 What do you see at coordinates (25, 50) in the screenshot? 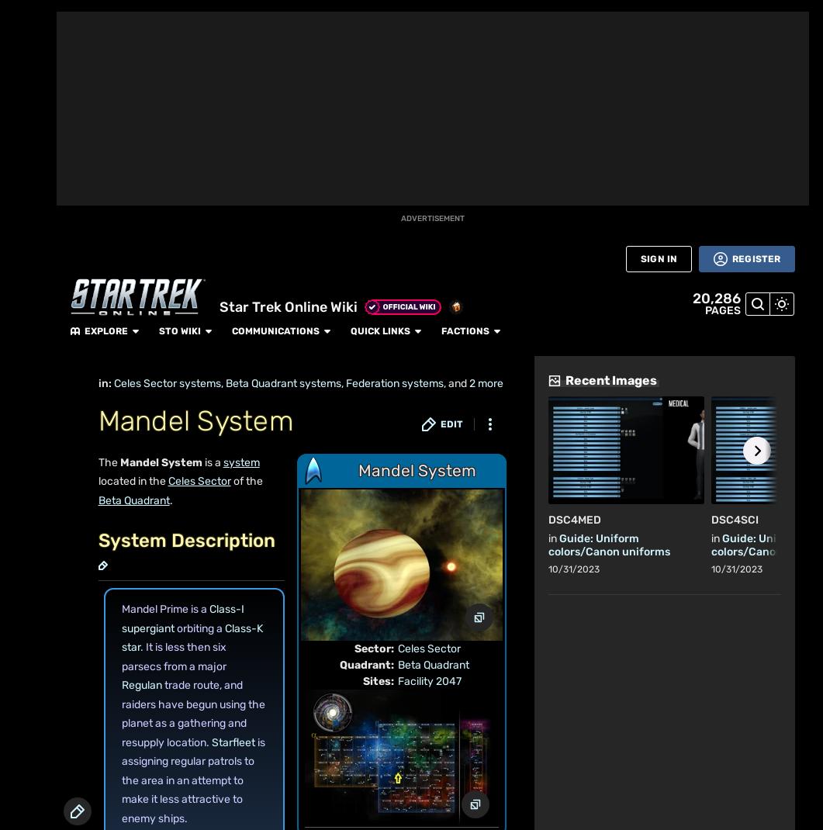
I see `'FANDOM'` at bounding box center [25, 50].